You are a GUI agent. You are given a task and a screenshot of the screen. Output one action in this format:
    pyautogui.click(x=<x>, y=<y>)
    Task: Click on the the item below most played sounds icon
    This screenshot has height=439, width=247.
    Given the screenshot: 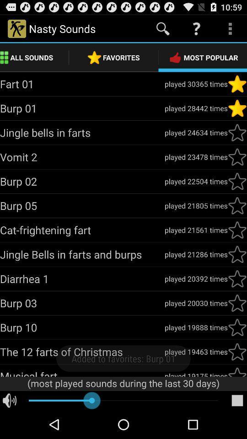 What is the action you would take?
    pyautogui.click(x=237, y=400)
    